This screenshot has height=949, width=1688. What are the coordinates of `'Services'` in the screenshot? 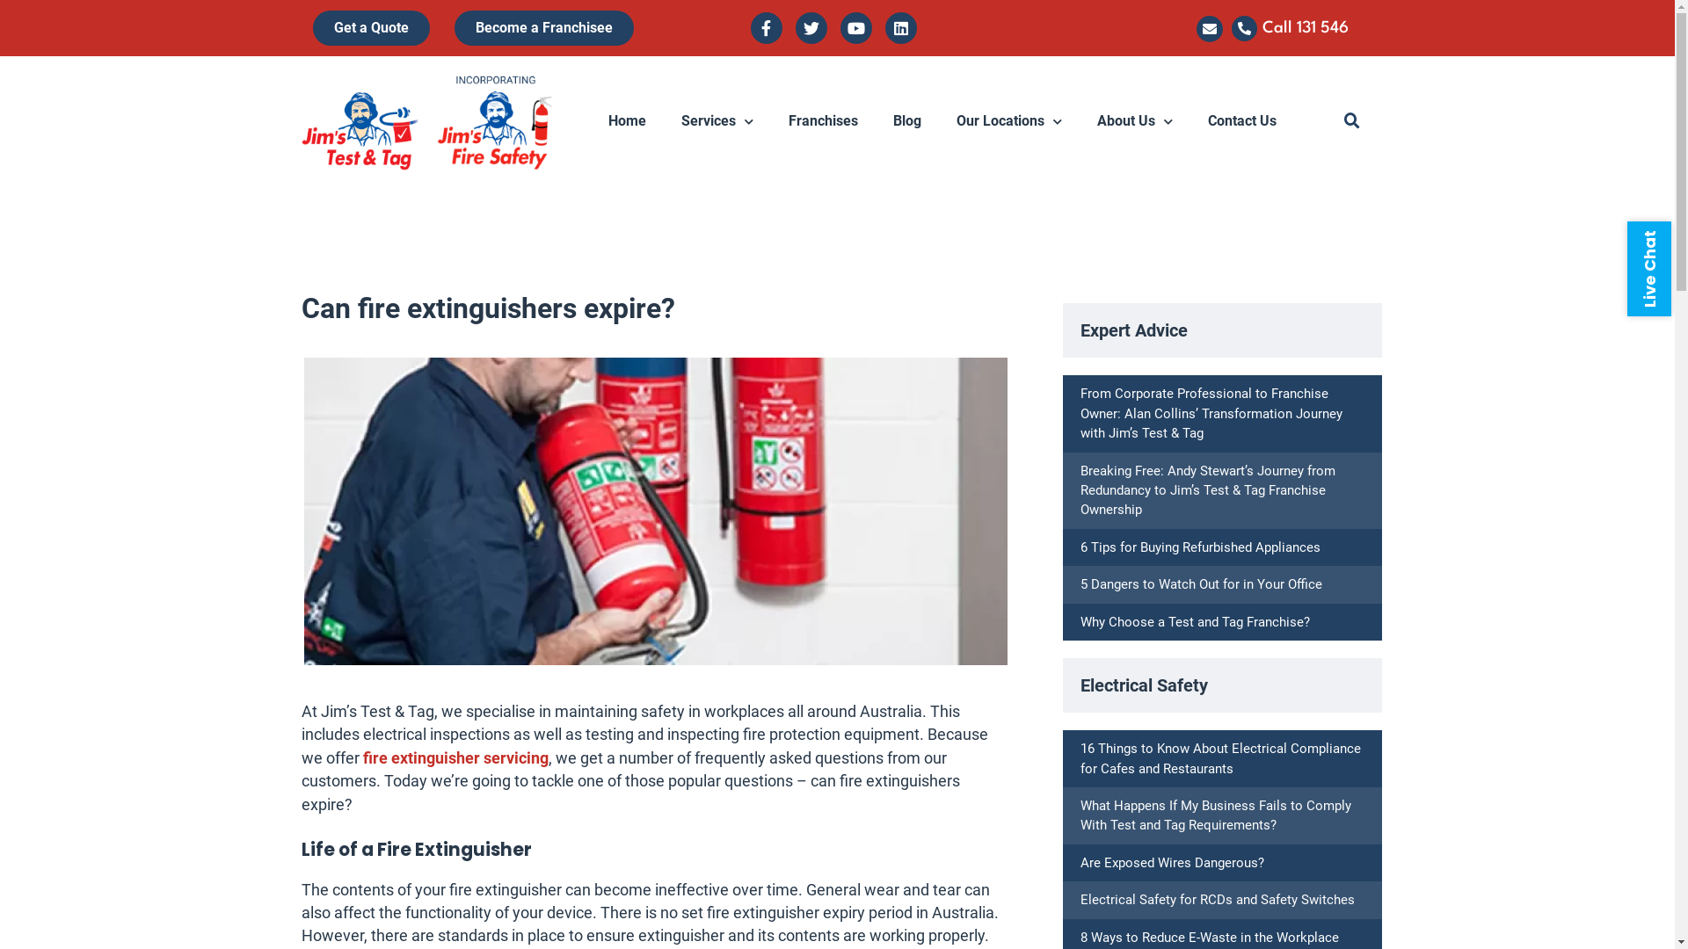 It's located at (717, 120).